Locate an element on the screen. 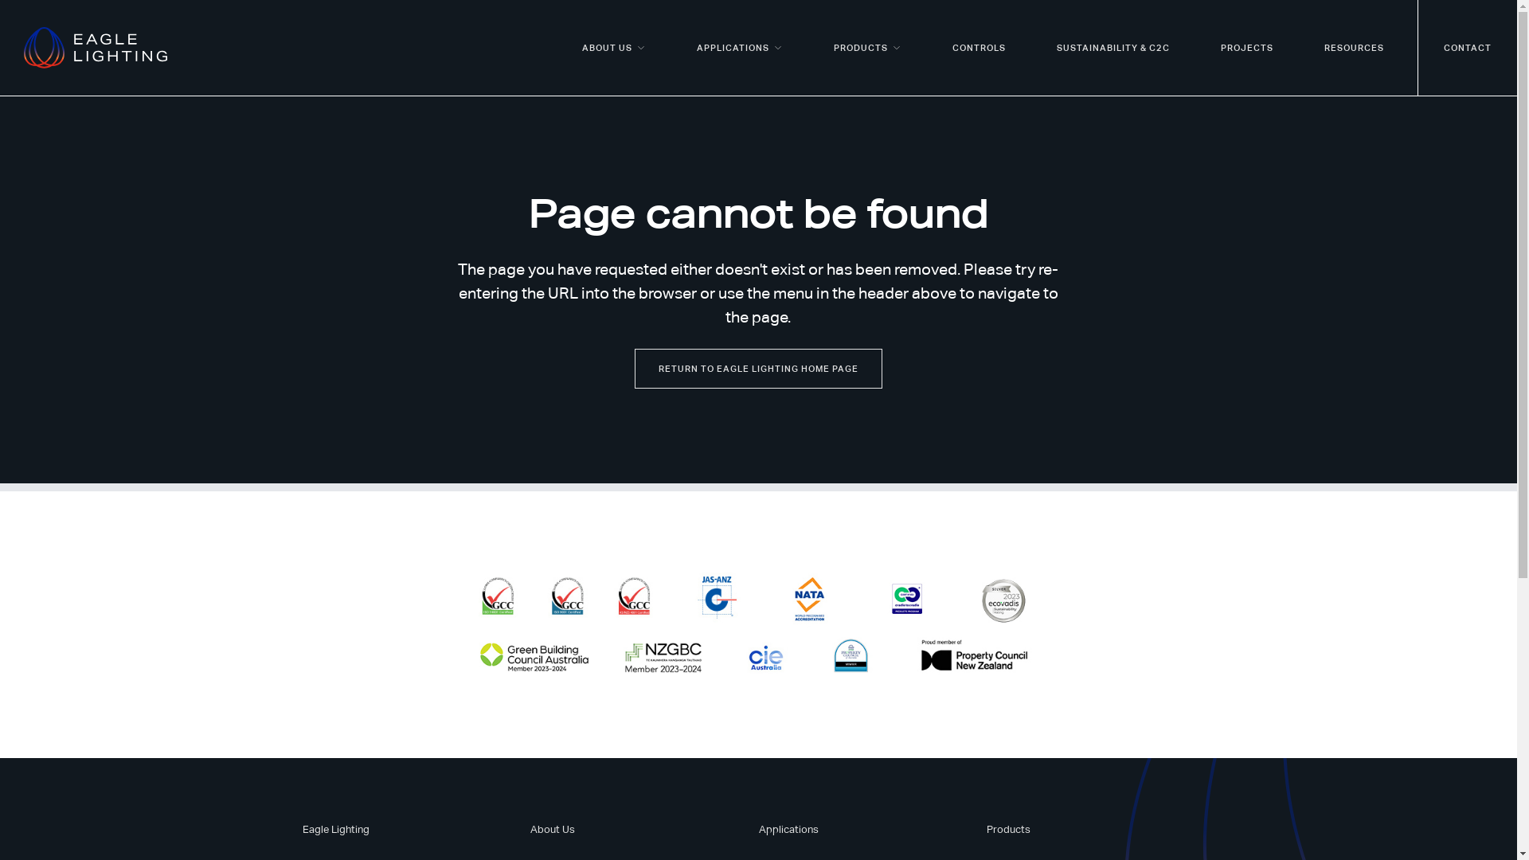  'CONTACT' is located at coordinates (1467, 47).